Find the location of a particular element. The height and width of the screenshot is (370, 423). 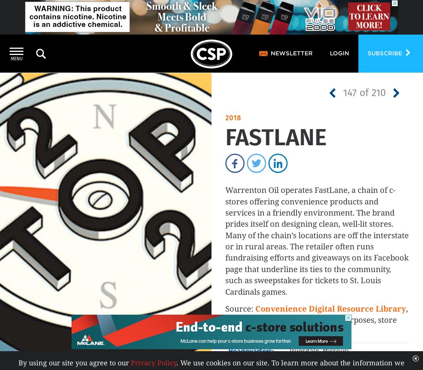

'Truesdale, Missouri' is located at coordinates (318, 350).